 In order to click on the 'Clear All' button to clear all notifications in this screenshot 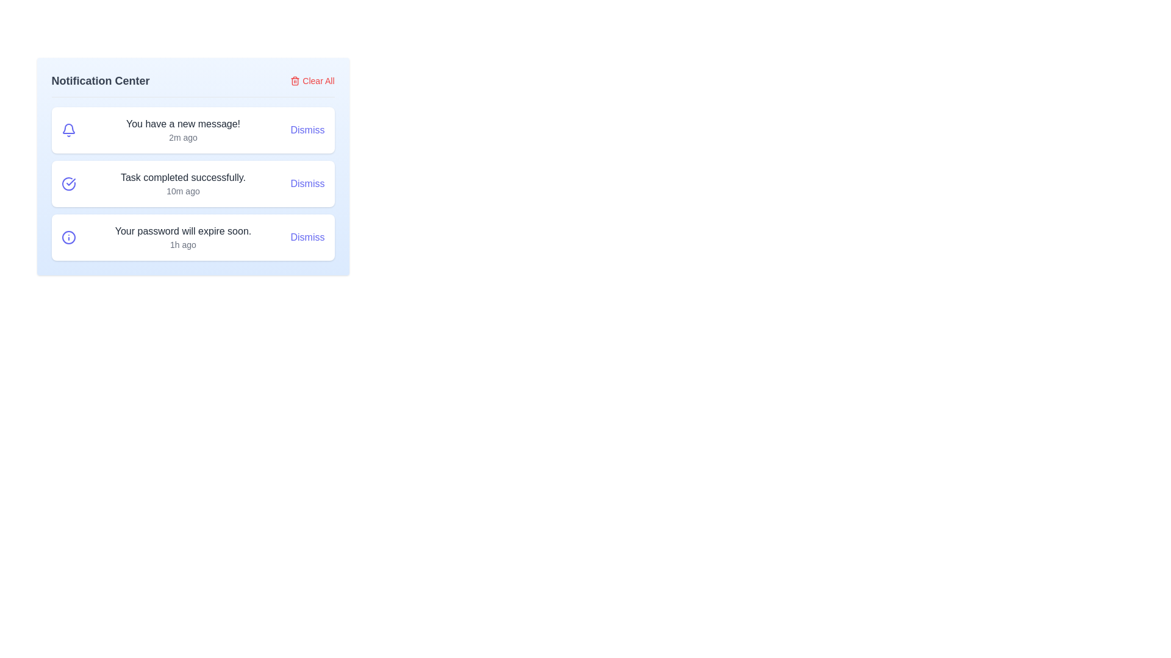, I will do `click(312, 80)`.